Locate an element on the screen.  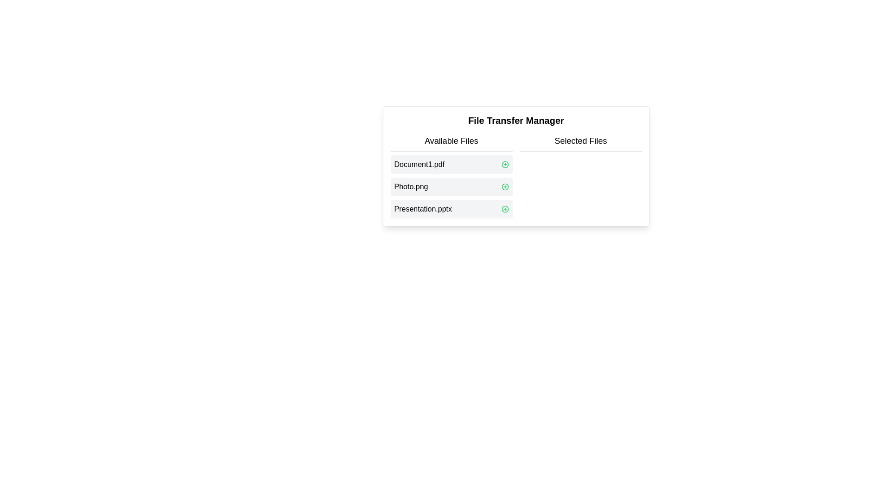
to select the file entry named 'Photo.png' in the 'Available Files' section, which is the second item in the vertical list is located at coordinates (451, 186).